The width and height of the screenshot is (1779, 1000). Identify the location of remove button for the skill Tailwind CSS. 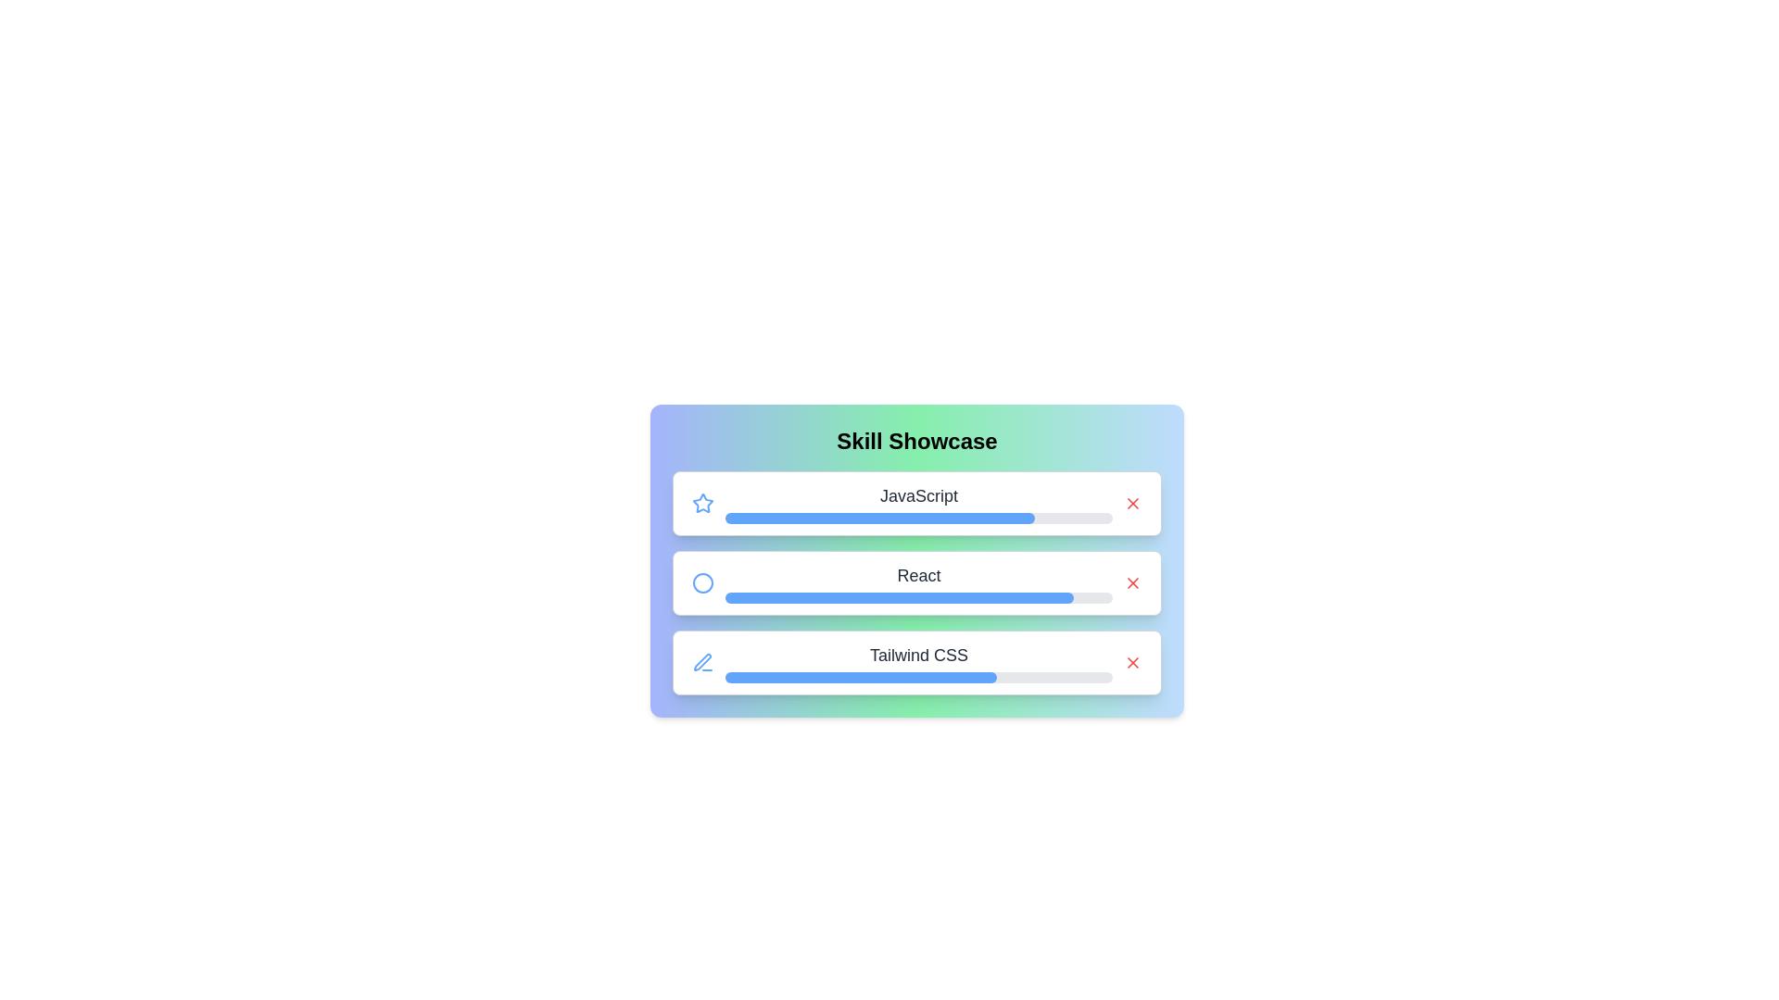
(1132, 662).